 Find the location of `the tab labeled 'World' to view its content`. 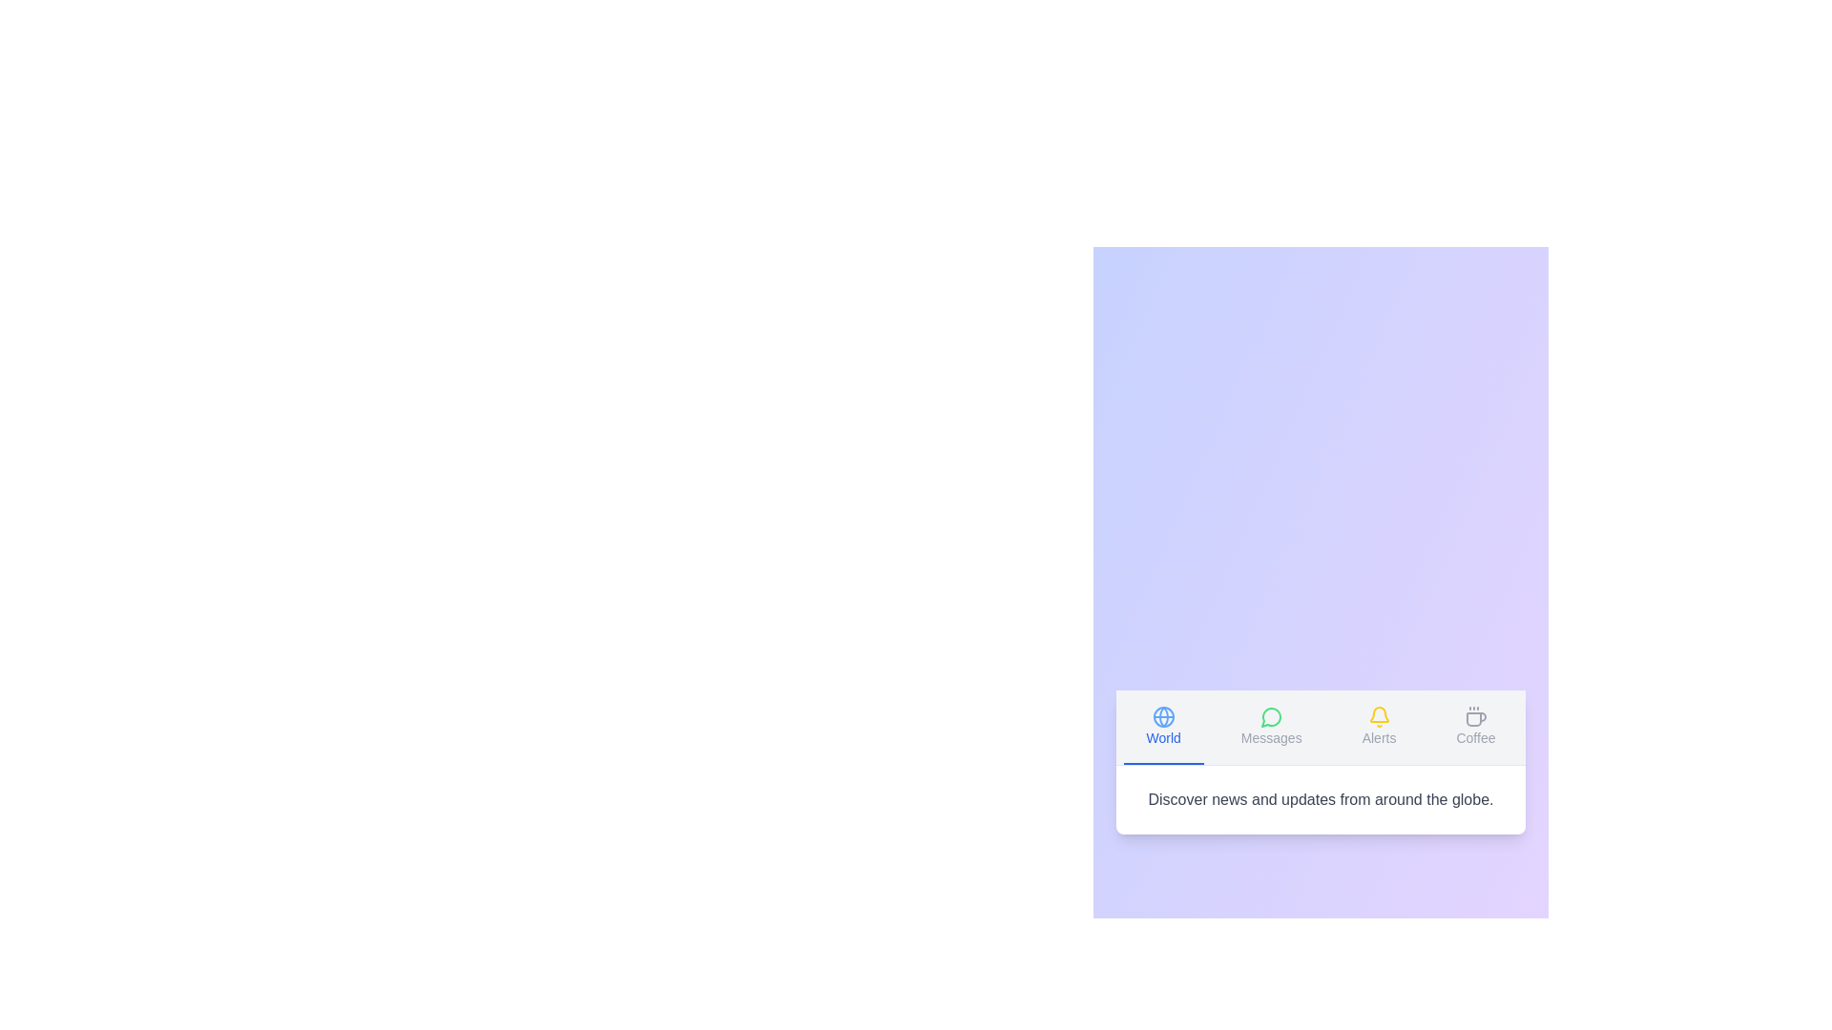

the tab labeled 'World' to view its content is located at coordinates (1162, 727).